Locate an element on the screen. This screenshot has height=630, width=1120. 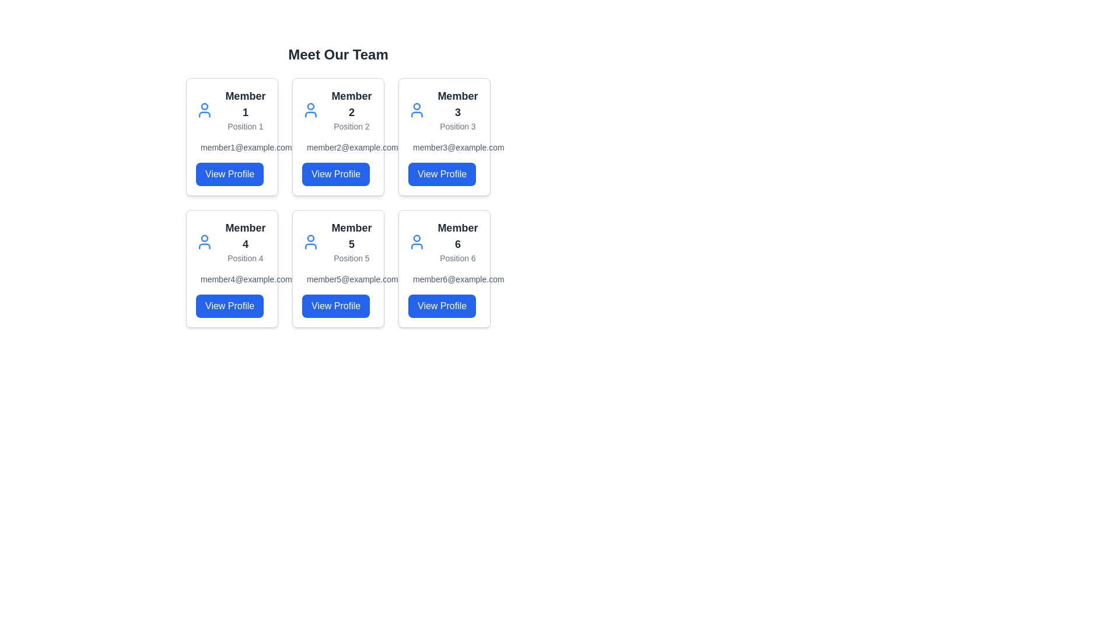
the user profile icon for 'Member 5', which is located in the center column of the second row of the grid is located at coordinates (310, 242).